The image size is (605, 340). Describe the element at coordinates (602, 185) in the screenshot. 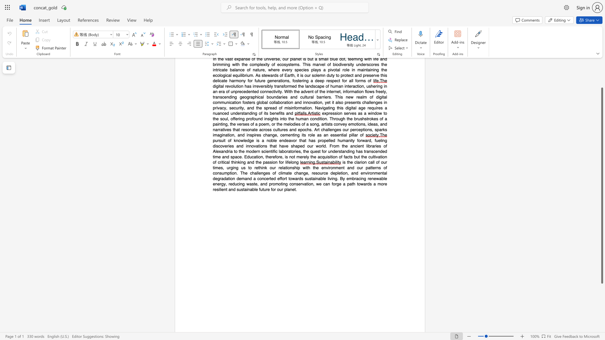

I see `the scrollbar and move up 20 pixels` at that location.